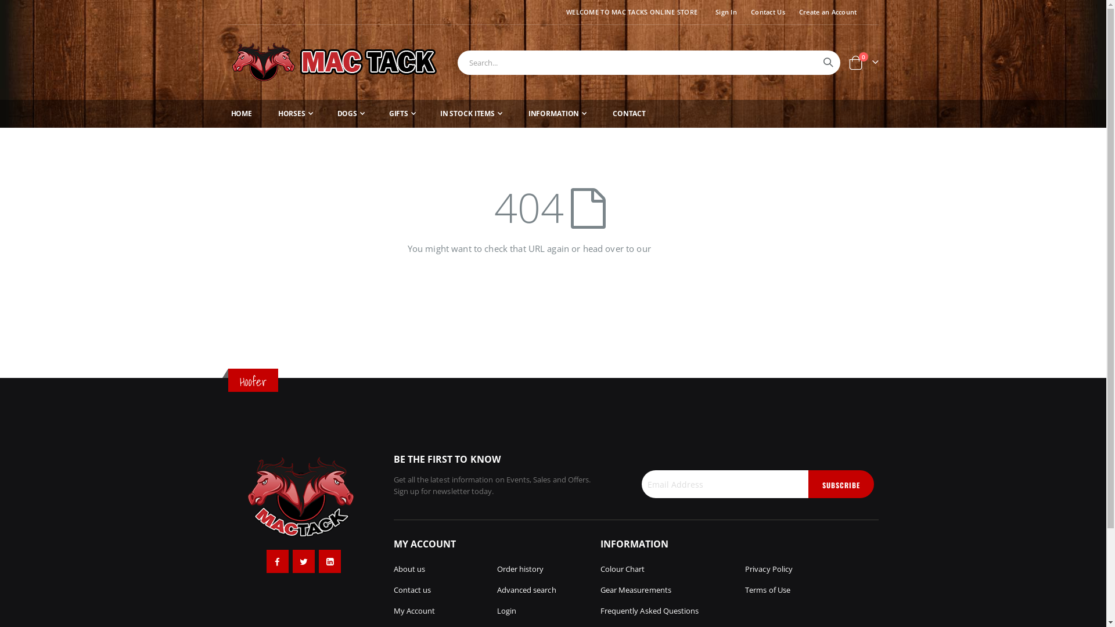 This screenshot has height=627, width=1115. What do you see at coordinates (827, 62) in the screenshot?
I see `'Search'` at bounding box center [827, 62].